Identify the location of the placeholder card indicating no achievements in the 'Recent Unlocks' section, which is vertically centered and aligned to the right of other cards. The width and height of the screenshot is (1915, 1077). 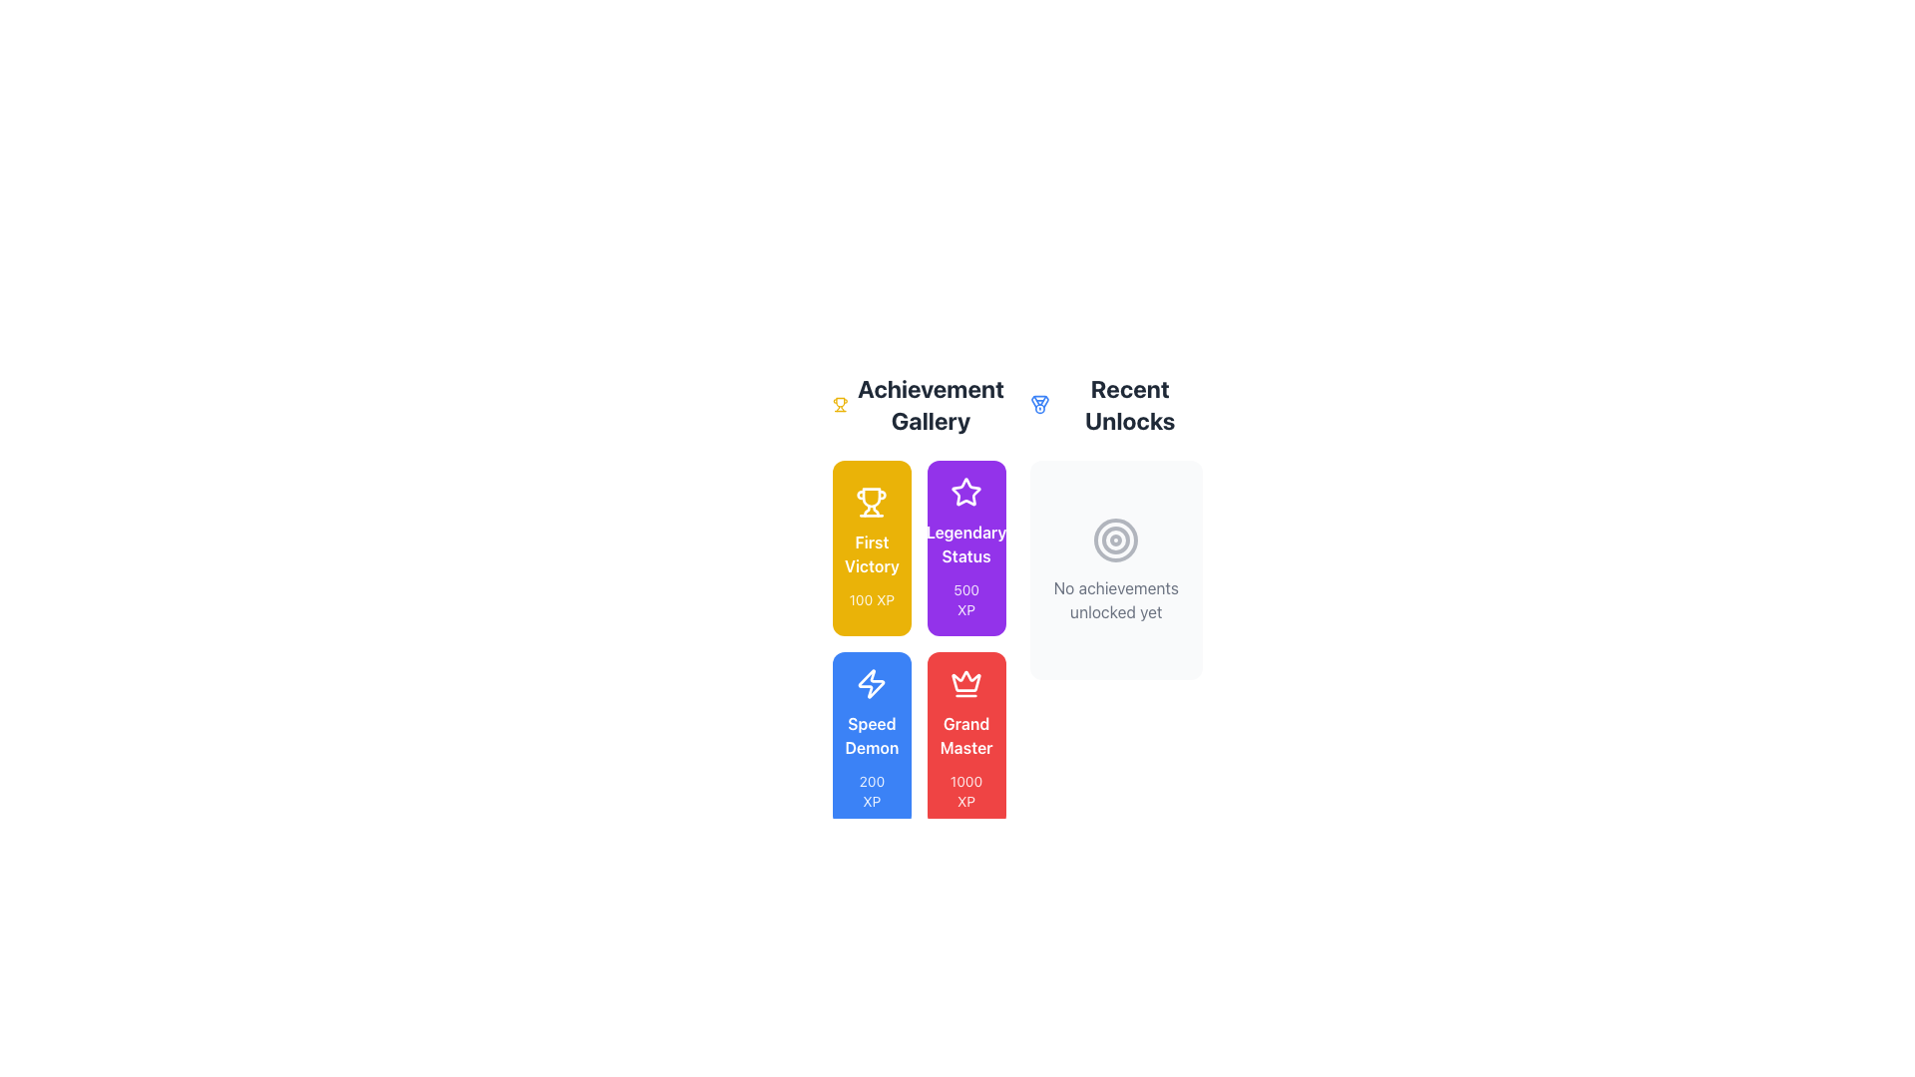
(1115, 569).